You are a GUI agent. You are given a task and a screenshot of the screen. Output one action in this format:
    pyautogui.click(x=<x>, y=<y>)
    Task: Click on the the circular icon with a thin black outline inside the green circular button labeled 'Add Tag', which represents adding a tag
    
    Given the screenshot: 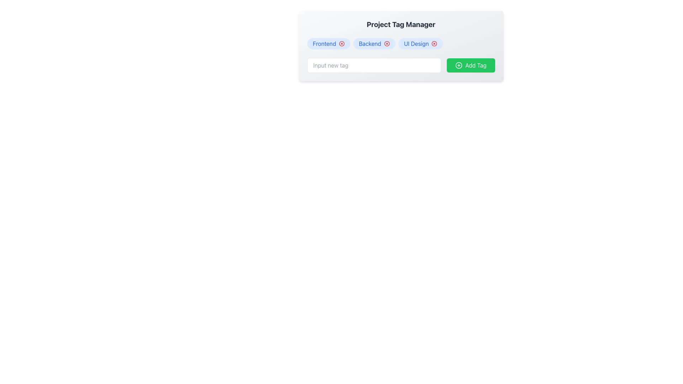 What is the action you would take?
    pyautogui.click(x=459, y=65)
    